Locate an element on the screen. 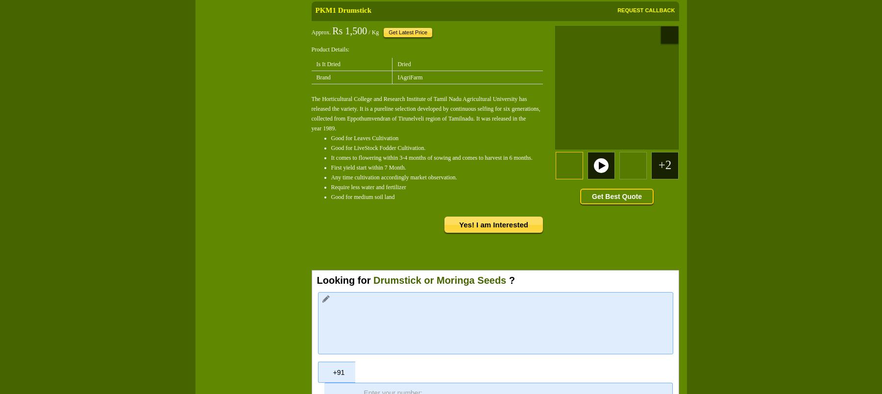 Image resolution: width=882 pixels, height=394 pixels. 'First yield start within 7 Month.' is located at coordinates (367, 168).